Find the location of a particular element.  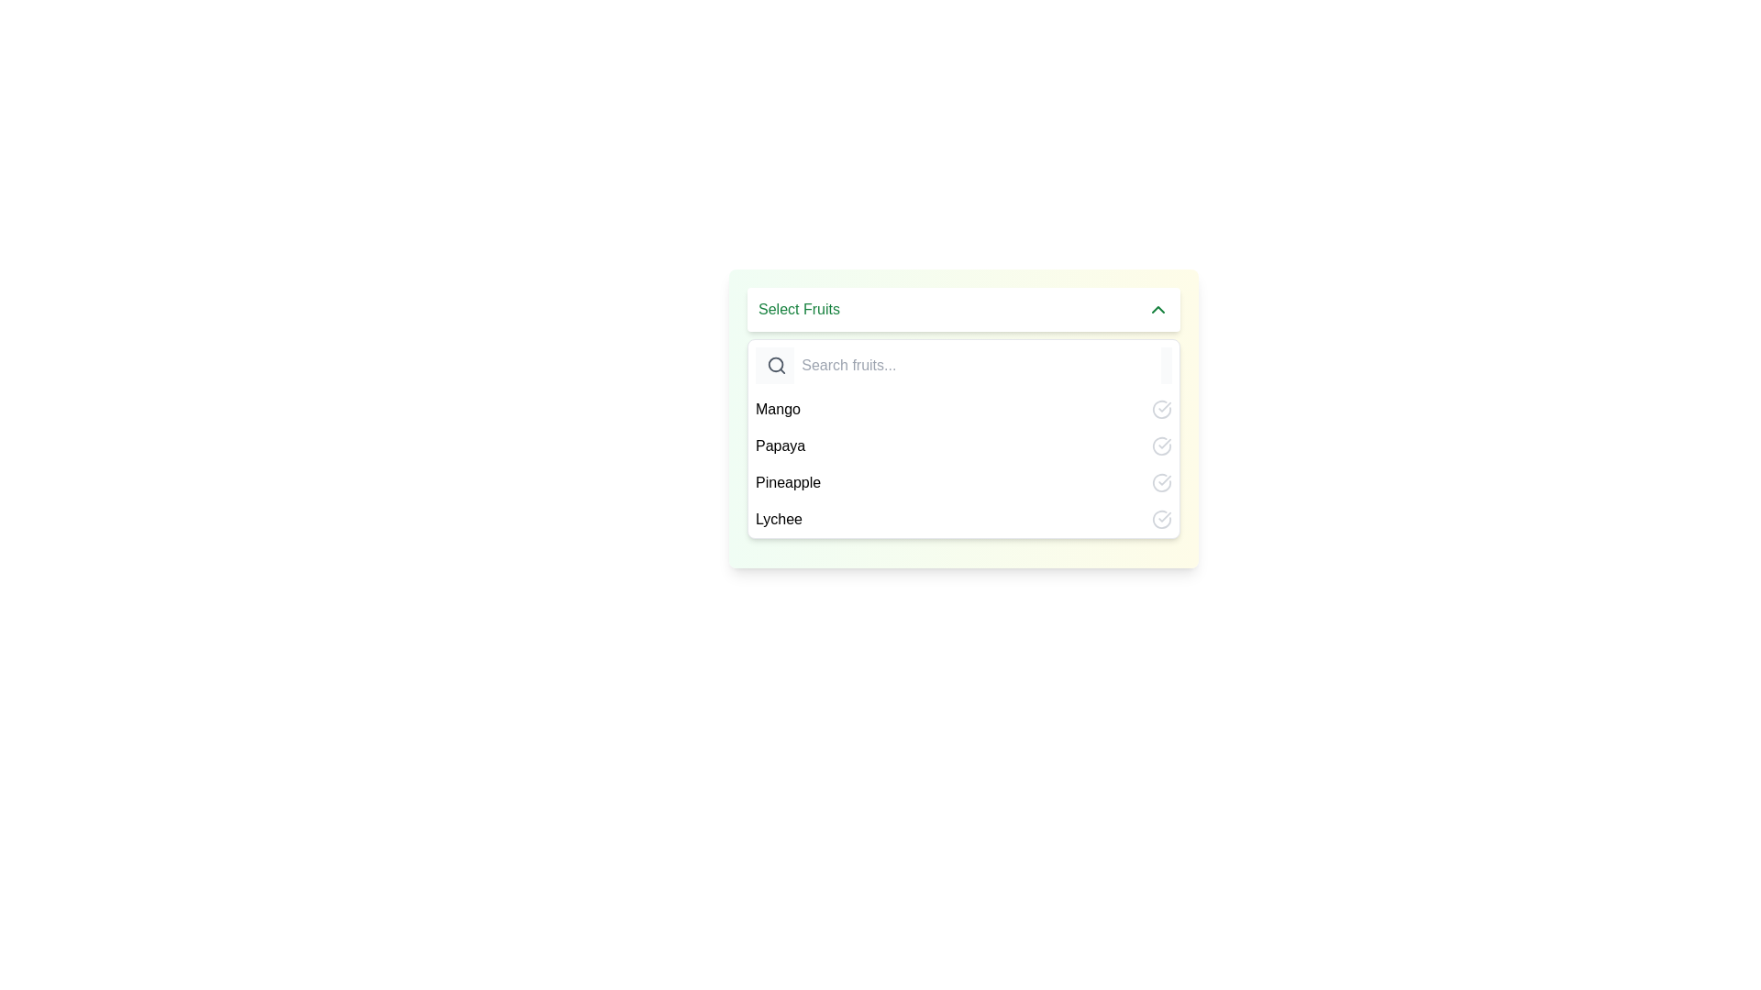

the circular light gray checkmark icon located to the right of the 'Papaya' text in the dropdown menu for interaction is located at coordinates (1164, 406).